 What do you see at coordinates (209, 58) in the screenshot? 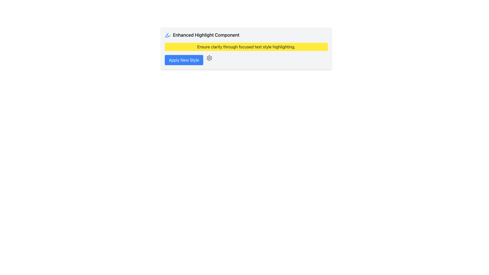
I see `the Settings Icon, which is located immediately to the right of the 'Apply New Style' button` at bounding box center [209, 58].